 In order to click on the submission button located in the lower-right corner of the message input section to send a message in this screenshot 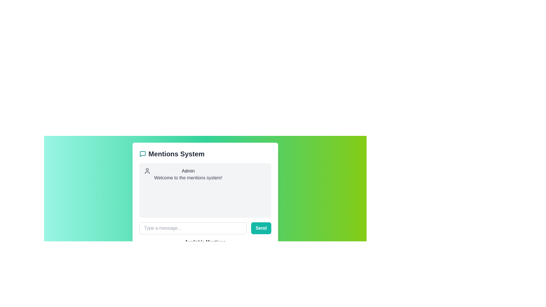, I will do `click(261, 228)`.